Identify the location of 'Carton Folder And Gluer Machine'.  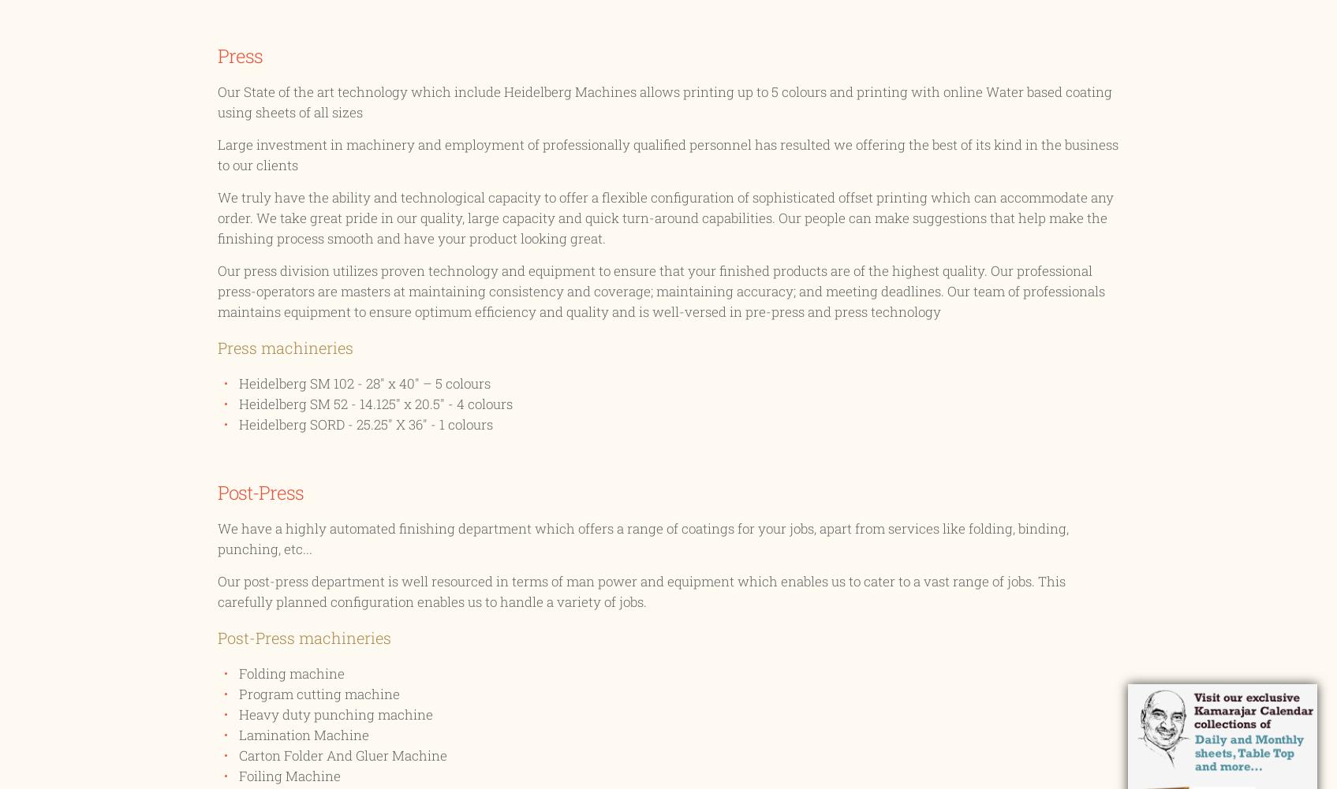
(342, 754).